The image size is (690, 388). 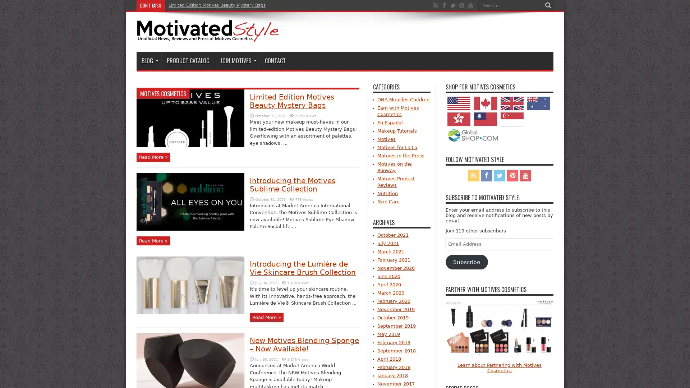 What do you see at coordinates (466, 262) in the screenshot?
I see `Subscribe` at bounding box center [466, 262].